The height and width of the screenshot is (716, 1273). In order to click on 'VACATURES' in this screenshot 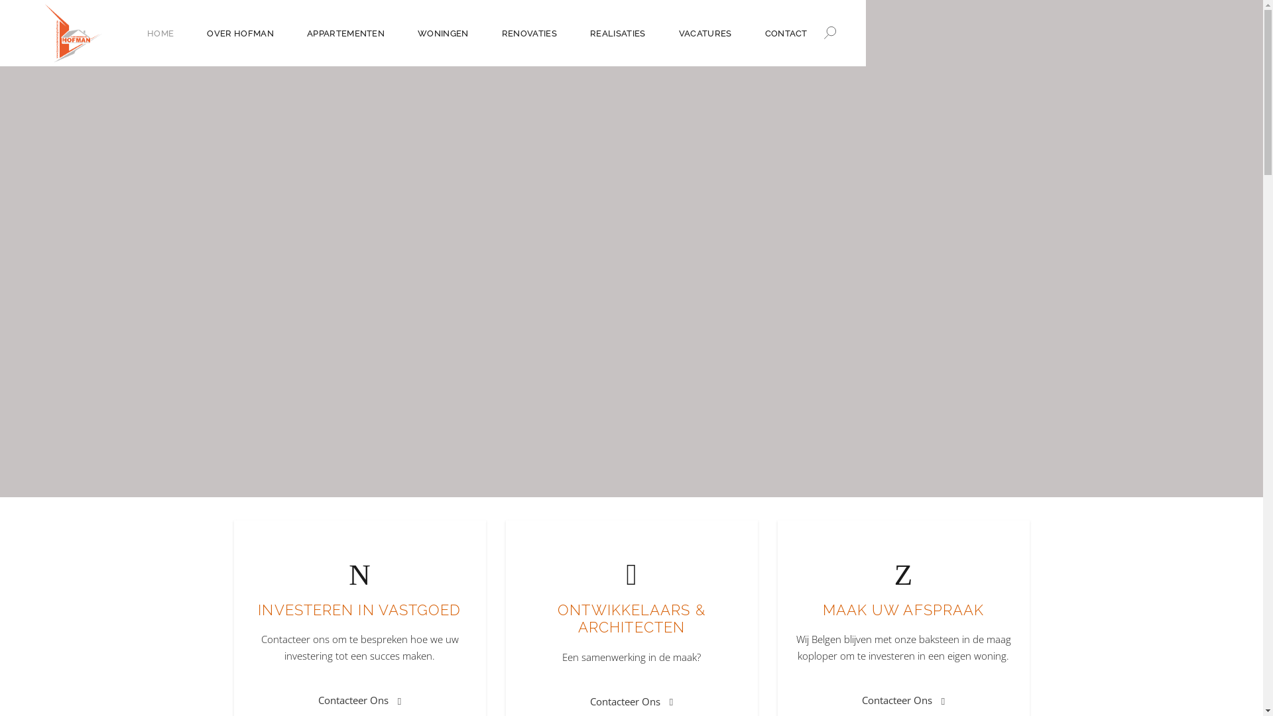, I will do `click(705, 32)`.